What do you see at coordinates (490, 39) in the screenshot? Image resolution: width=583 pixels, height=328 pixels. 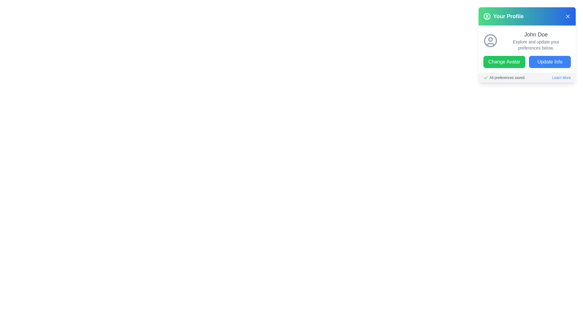 I see `the small grey circular image component nested within the larger user icon at the top-left corner of the profile box labeled 'Your Profile'` at bounding box center [490, 39].